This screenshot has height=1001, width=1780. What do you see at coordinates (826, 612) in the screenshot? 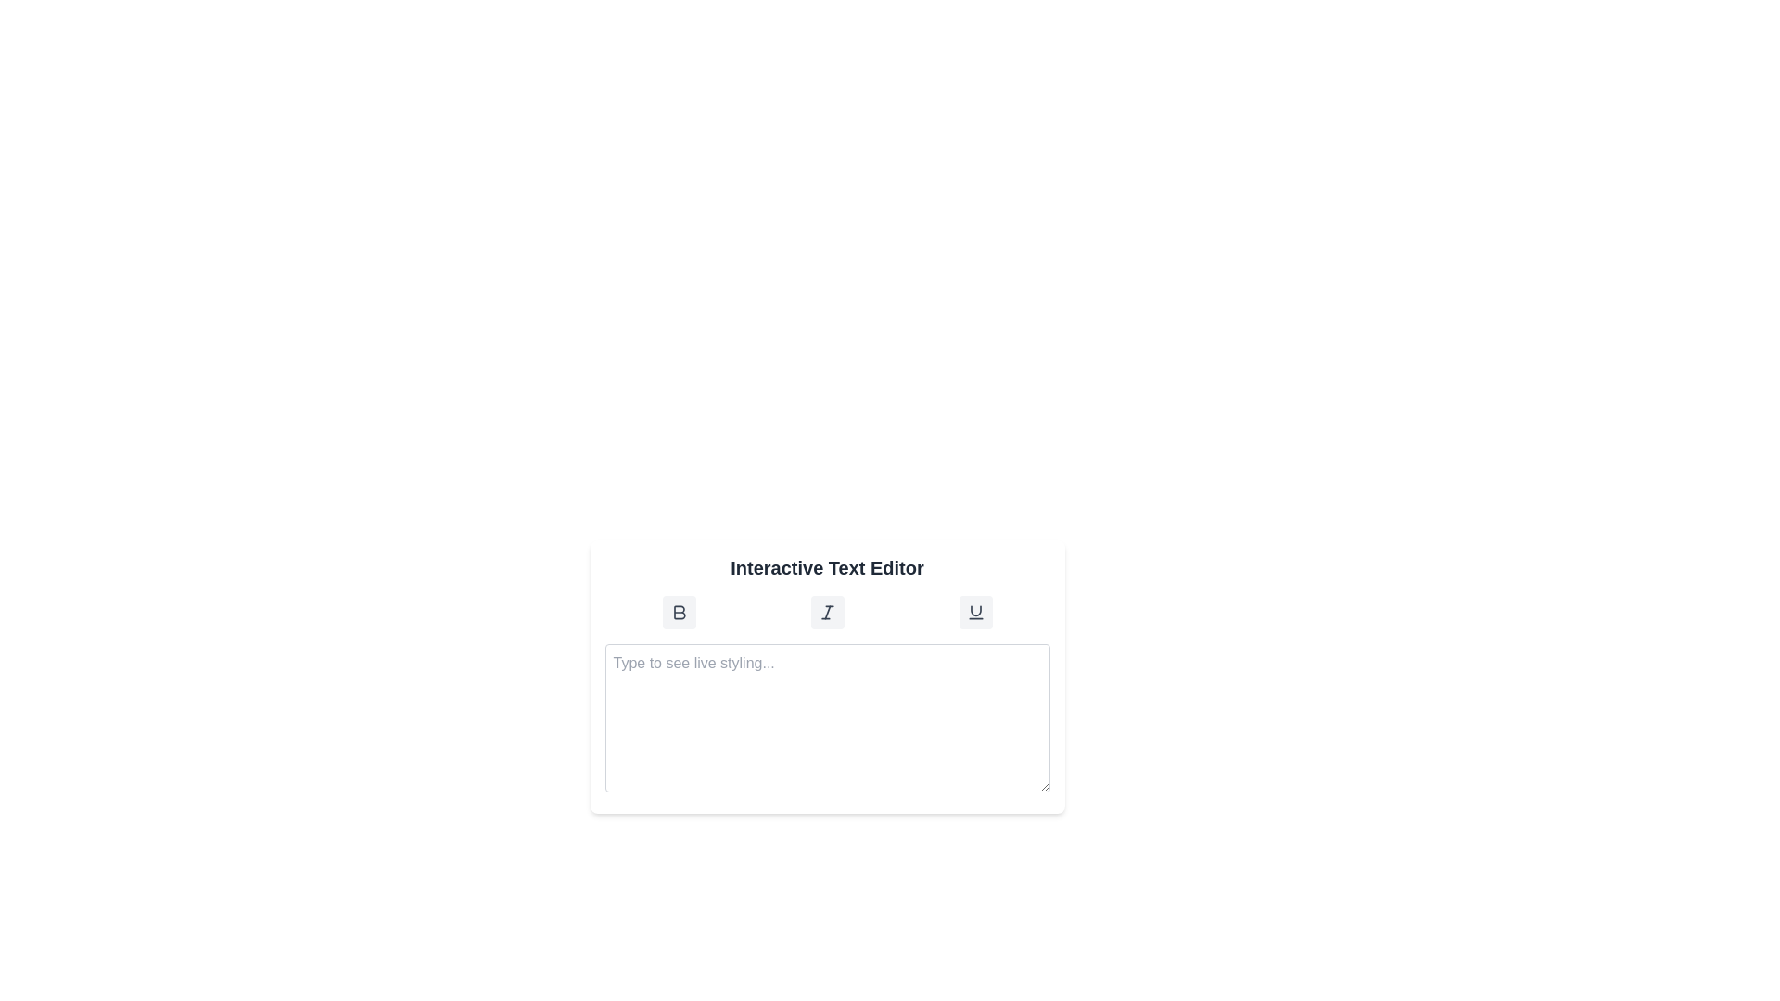
I see `the italic formatting button located between the bold 'B' icon and the underline 'U' icon` at bounding box center [826, 612].